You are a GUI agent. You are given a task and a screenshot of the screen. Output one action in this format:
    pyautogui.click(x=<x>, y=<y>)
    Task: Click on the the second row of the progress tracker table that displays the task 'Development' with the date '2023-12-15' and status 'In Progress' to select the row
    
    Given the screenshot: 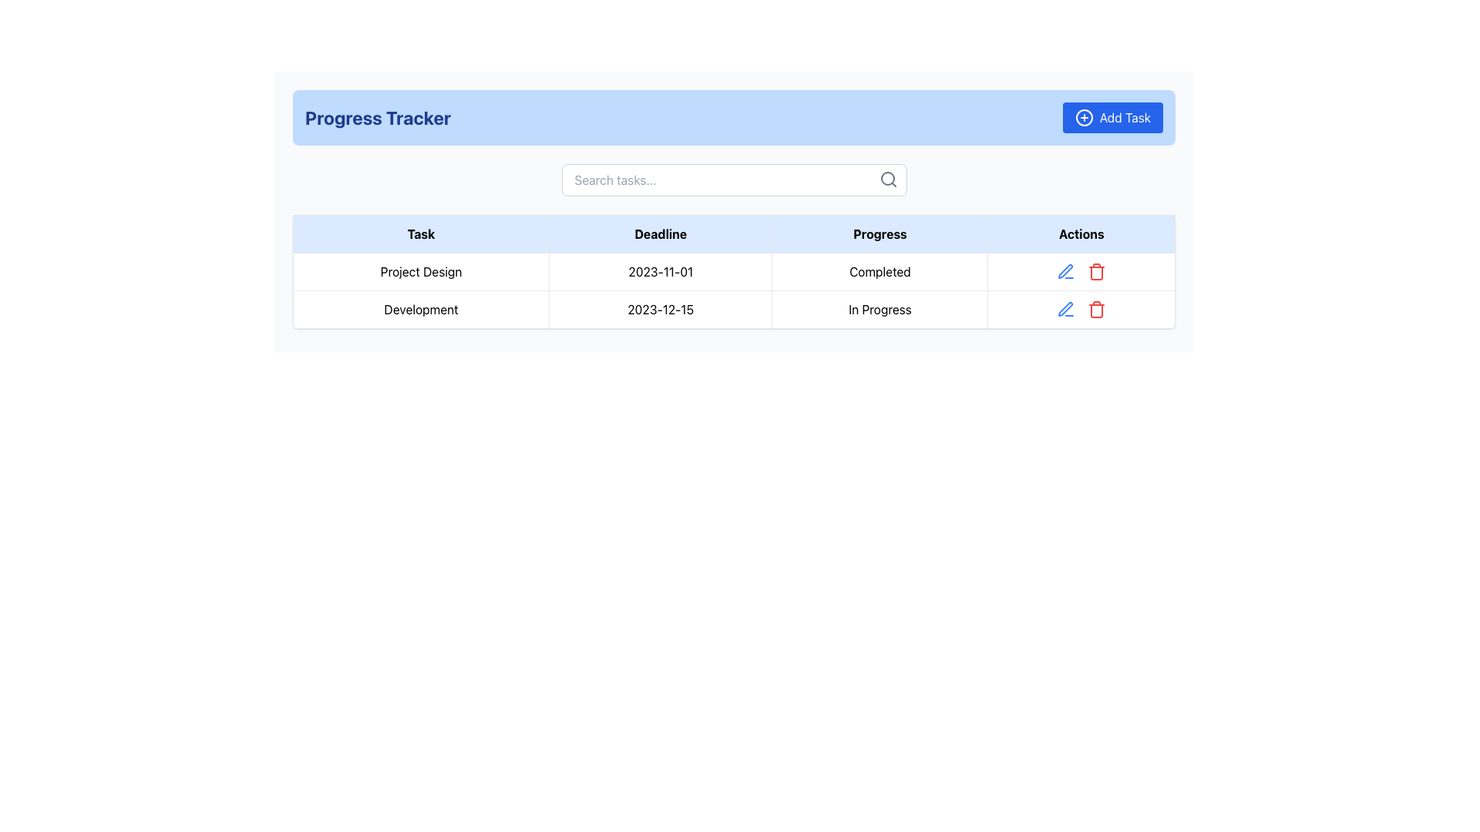 What is the action you would take?
    pyautogui.click(x=733, y=309)
    